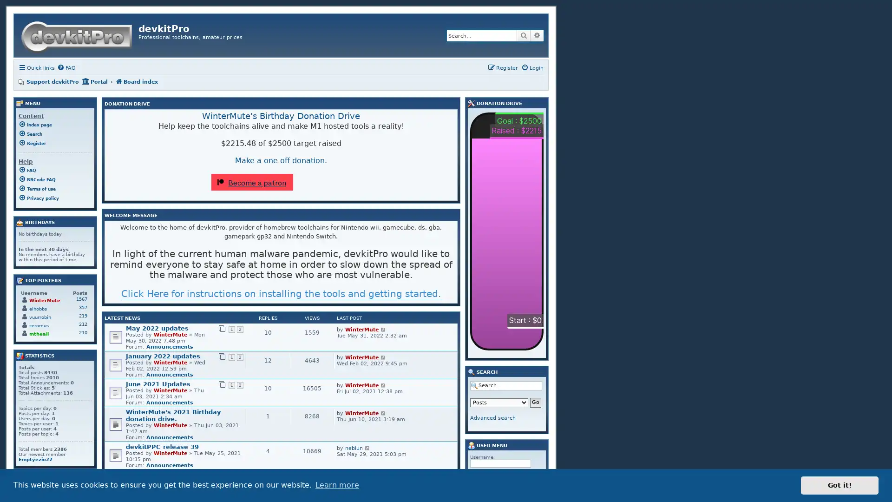  What do you see at coordinates (840, 485) in the screenshot?
I see `dismiss cookie message` at bounding box center [840, 485].